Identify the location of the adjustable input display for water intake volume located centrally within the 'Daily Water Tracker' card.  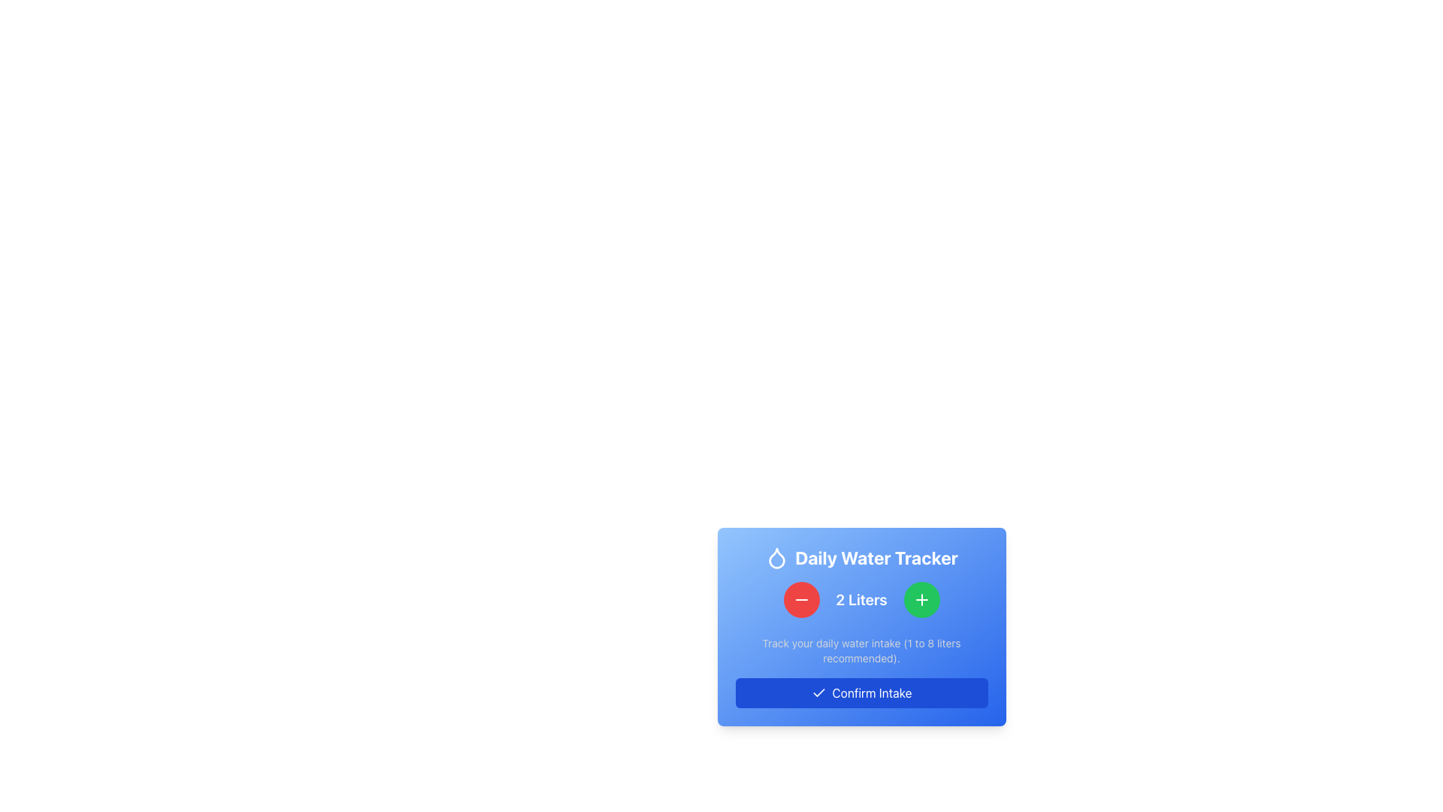
(861, 599).